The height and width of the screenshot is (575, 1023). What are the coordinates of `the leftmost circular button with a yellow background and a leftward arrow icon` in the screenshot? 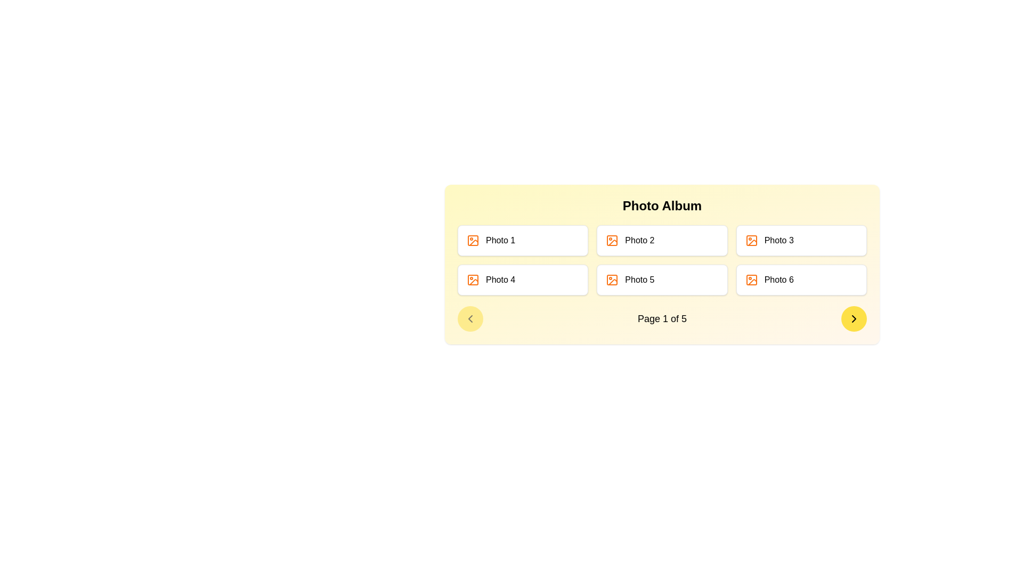 It's located at (470, 318).